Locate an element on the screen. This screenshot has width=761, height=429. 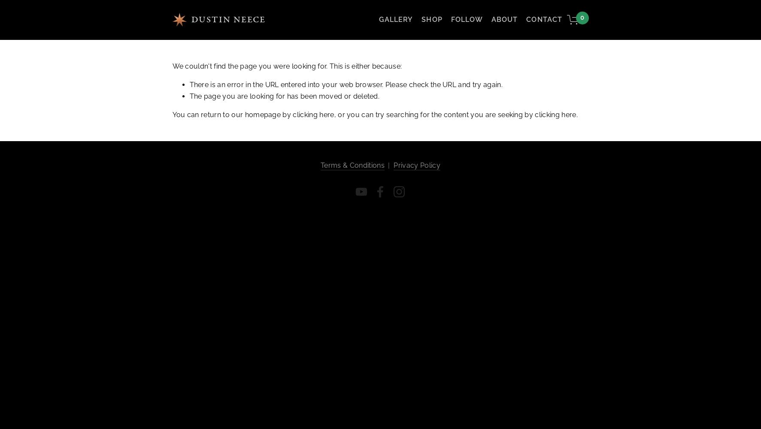
'About' is located at coordinates (504, 19).